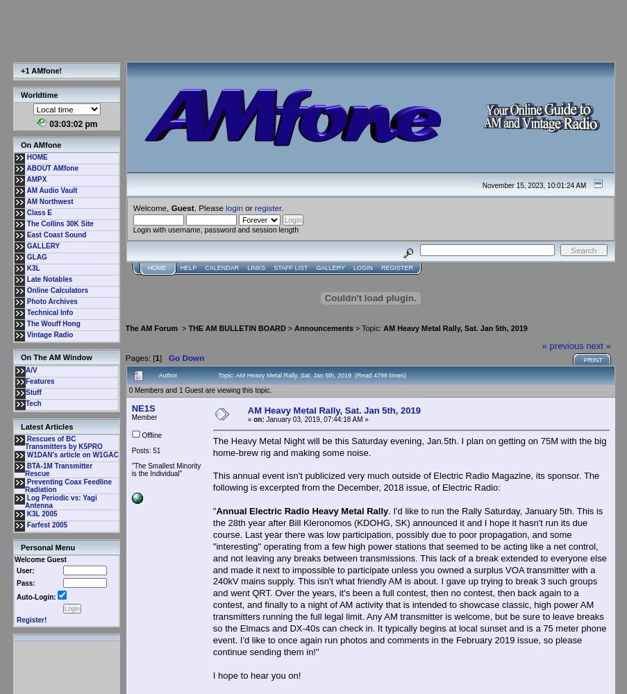 The width and height of the screenshot is (627, 694). What do you see at coordinates (73, 124) in the screenshot?
I see `'03:03:02 pm'` at bounding box center [73, 124].